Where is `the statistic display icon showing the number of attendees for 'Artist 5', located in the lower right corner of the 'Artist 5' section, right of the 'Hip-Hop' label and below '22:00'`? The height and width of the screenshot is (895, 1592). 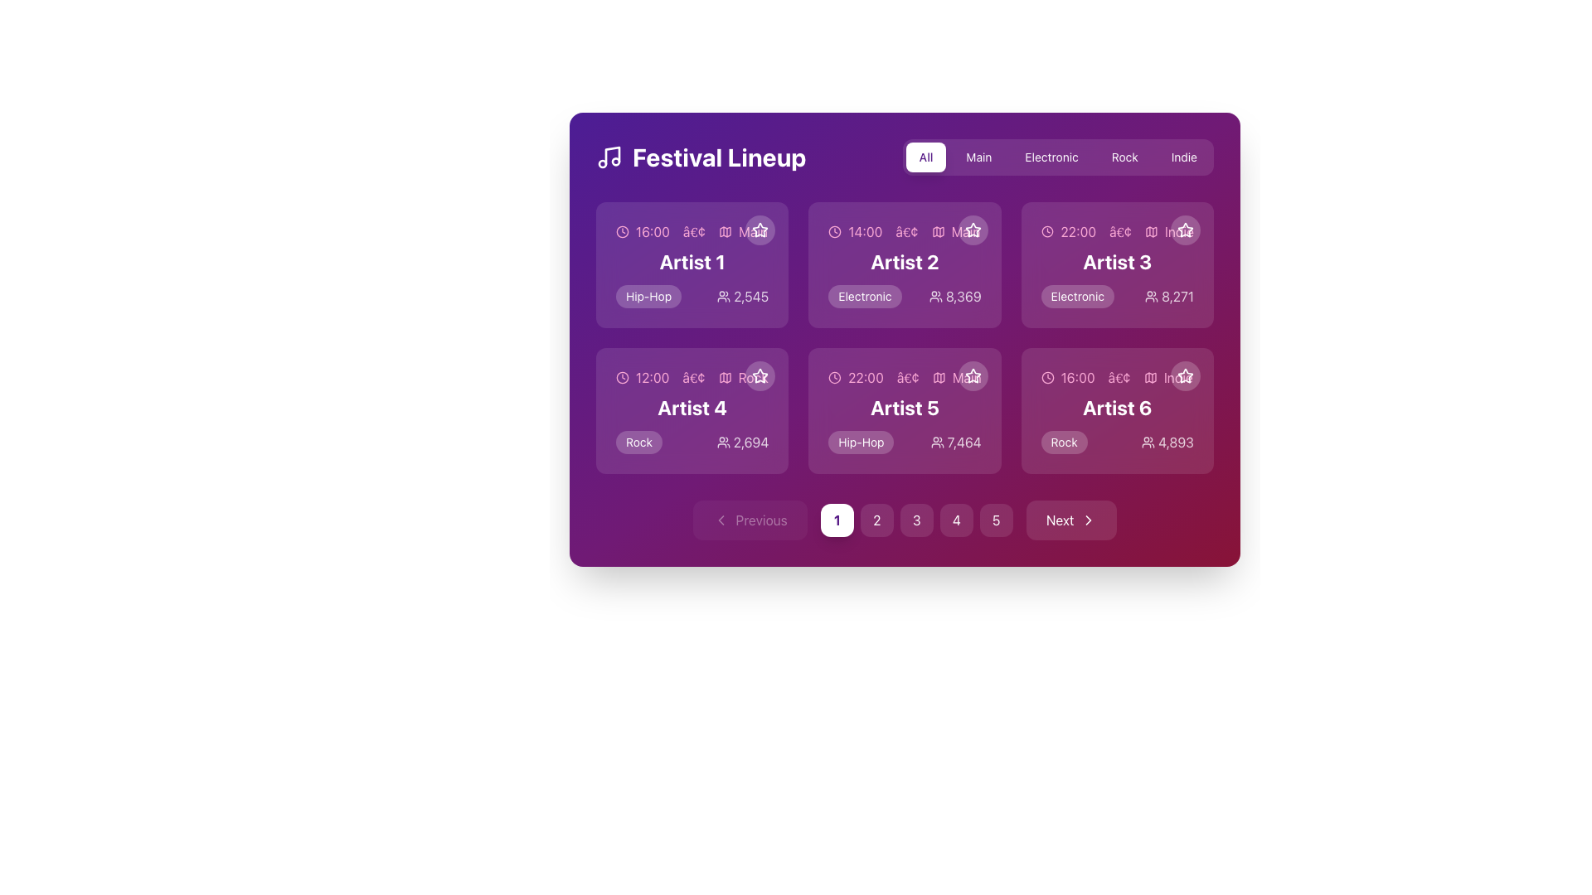
the statistic display icon showing the number of attendees for 'Artist 5', located in the lower right corner of the 'Artist 5' section, right of the 'Hip-Hop' label and below '22:00' is located at coordinates (956, 441).